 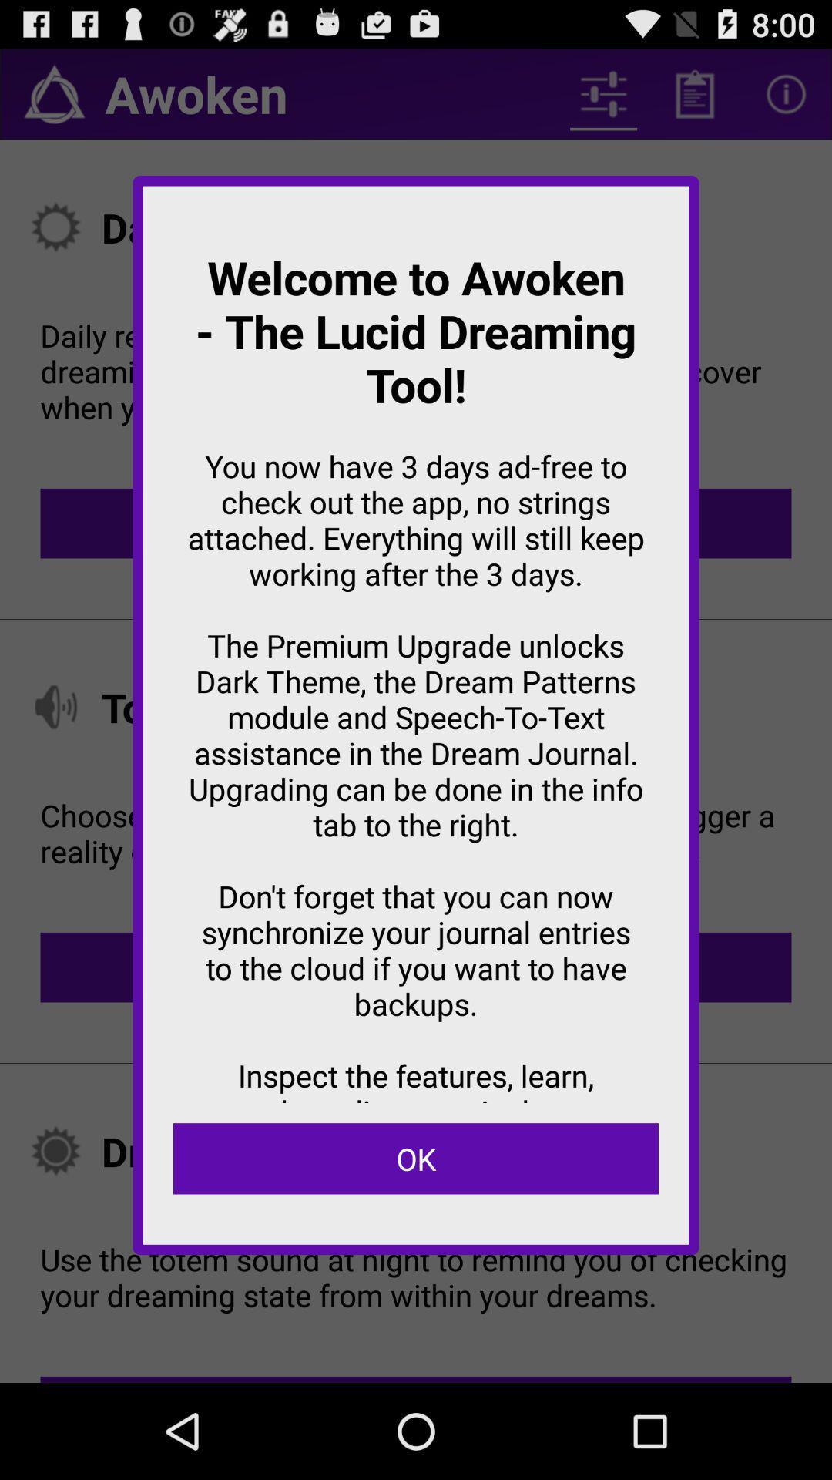 I want to click on the button at the bottom, so click(x=416, y=1159).